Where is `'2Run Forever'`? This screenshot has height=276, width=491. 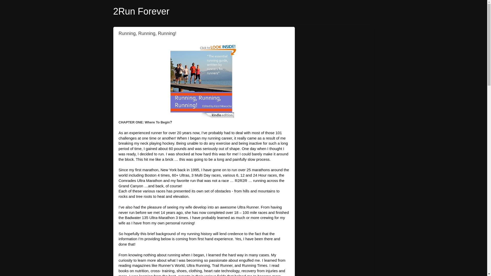 '2Run Forever' is located at coordinates (141, 11).